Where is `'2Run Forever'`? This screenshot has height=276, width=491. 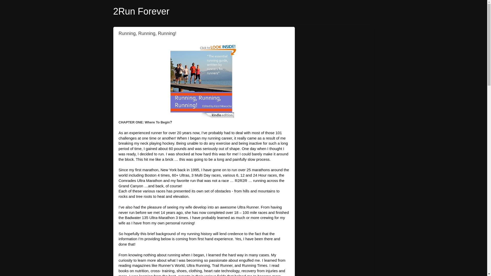 '2Run Forever' is located at coordinates (141, 11).